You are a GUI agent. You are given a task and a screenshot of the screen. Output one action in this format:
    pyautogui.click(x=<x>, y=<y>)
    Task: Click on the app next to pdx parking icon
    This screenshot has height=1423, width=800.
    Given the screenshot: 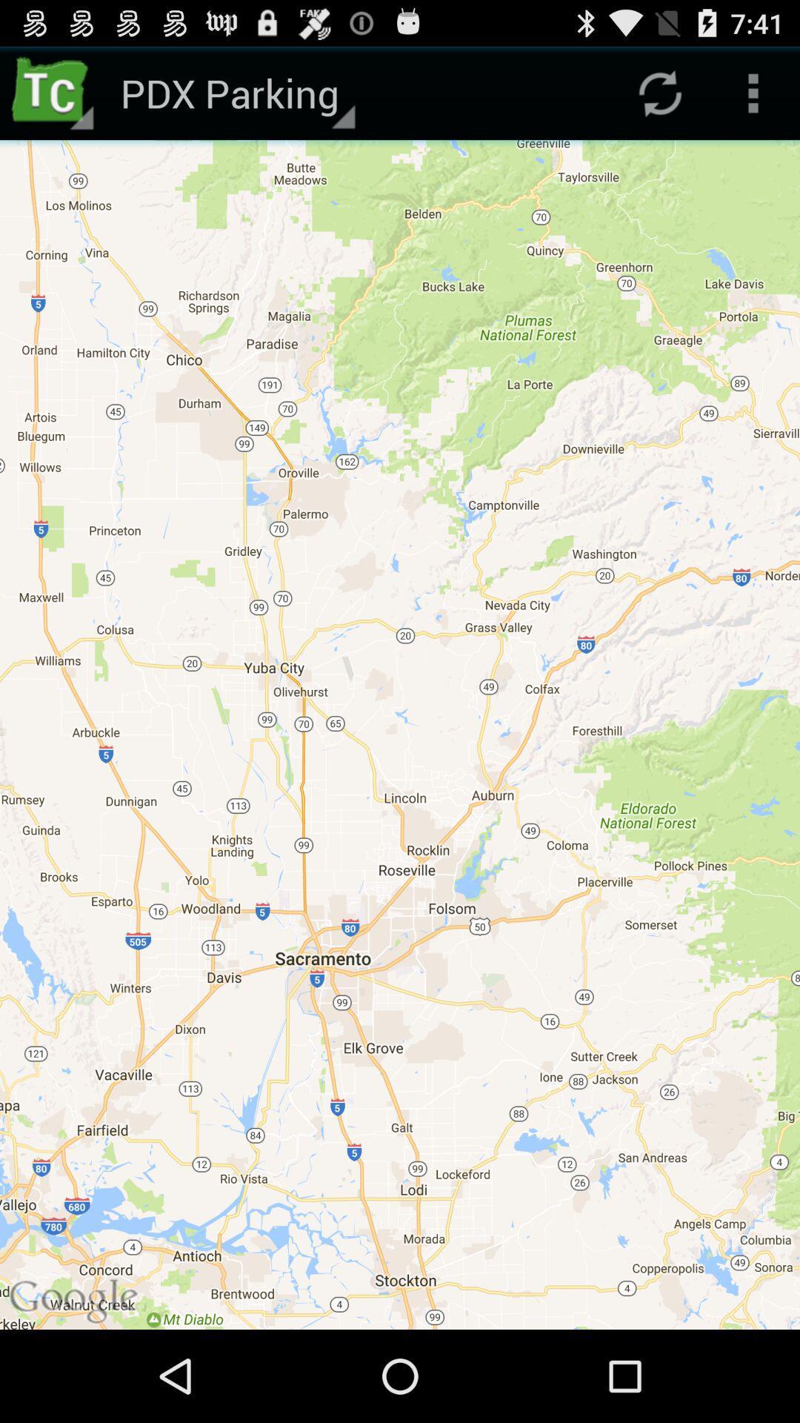 What is the action you would take?
    pyautogui.click(x=53, y=92)
    